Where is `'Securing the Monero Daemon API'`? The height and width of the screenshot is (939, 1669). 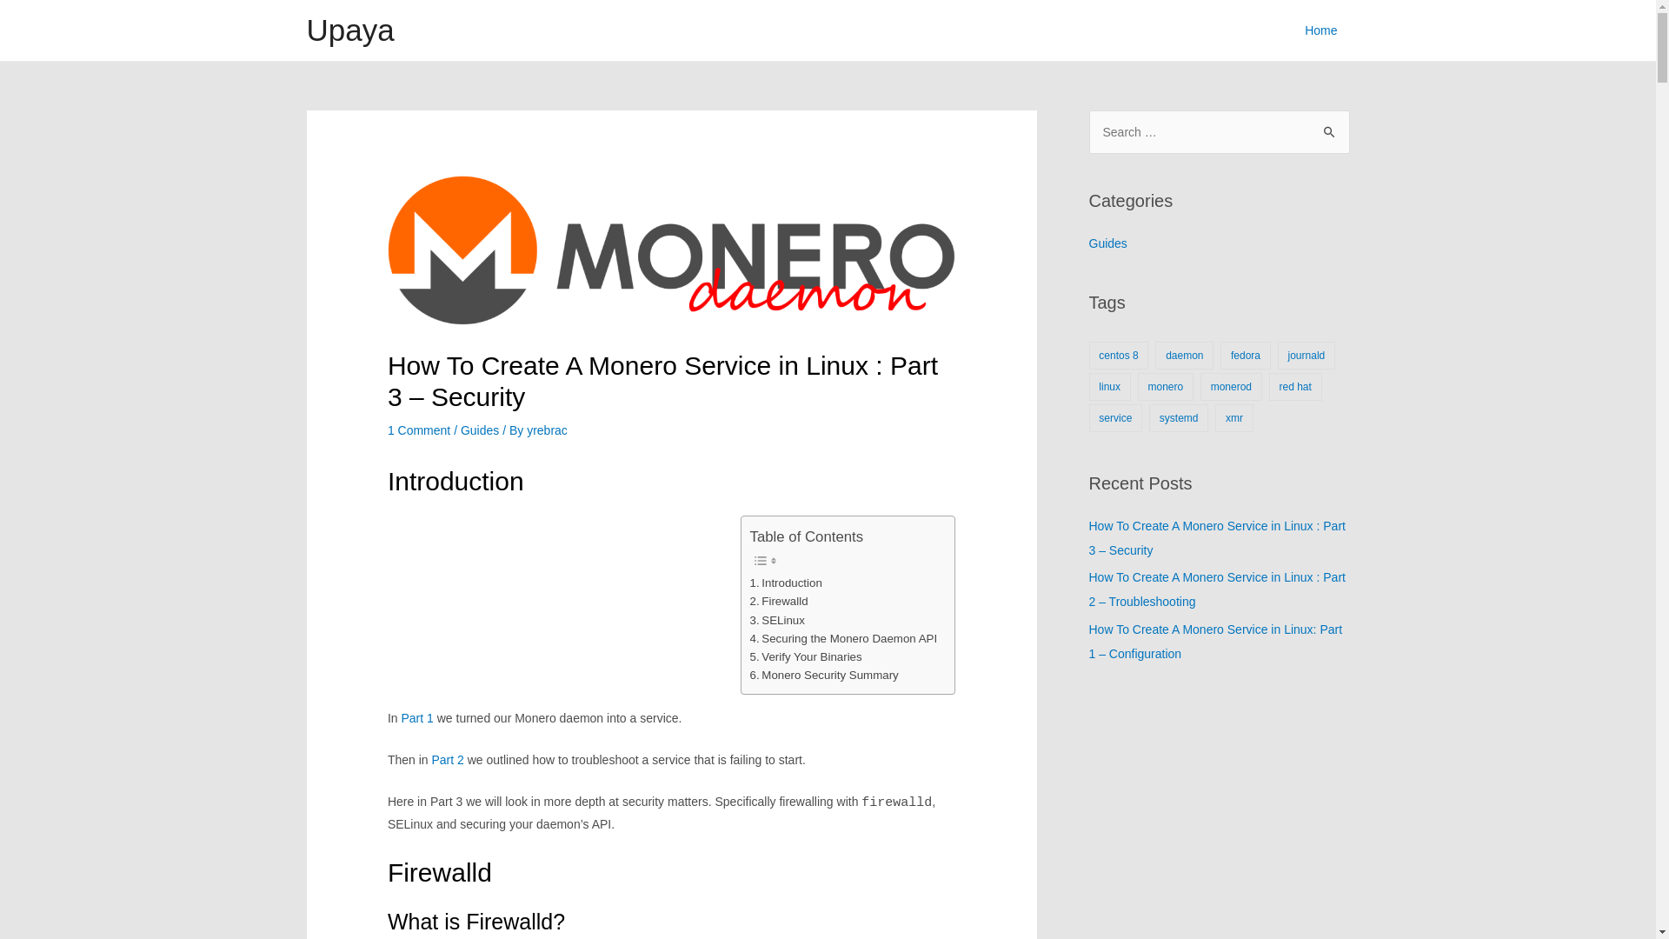 'Securing the Monero Daemon API' is located at coordinates (843, 638).